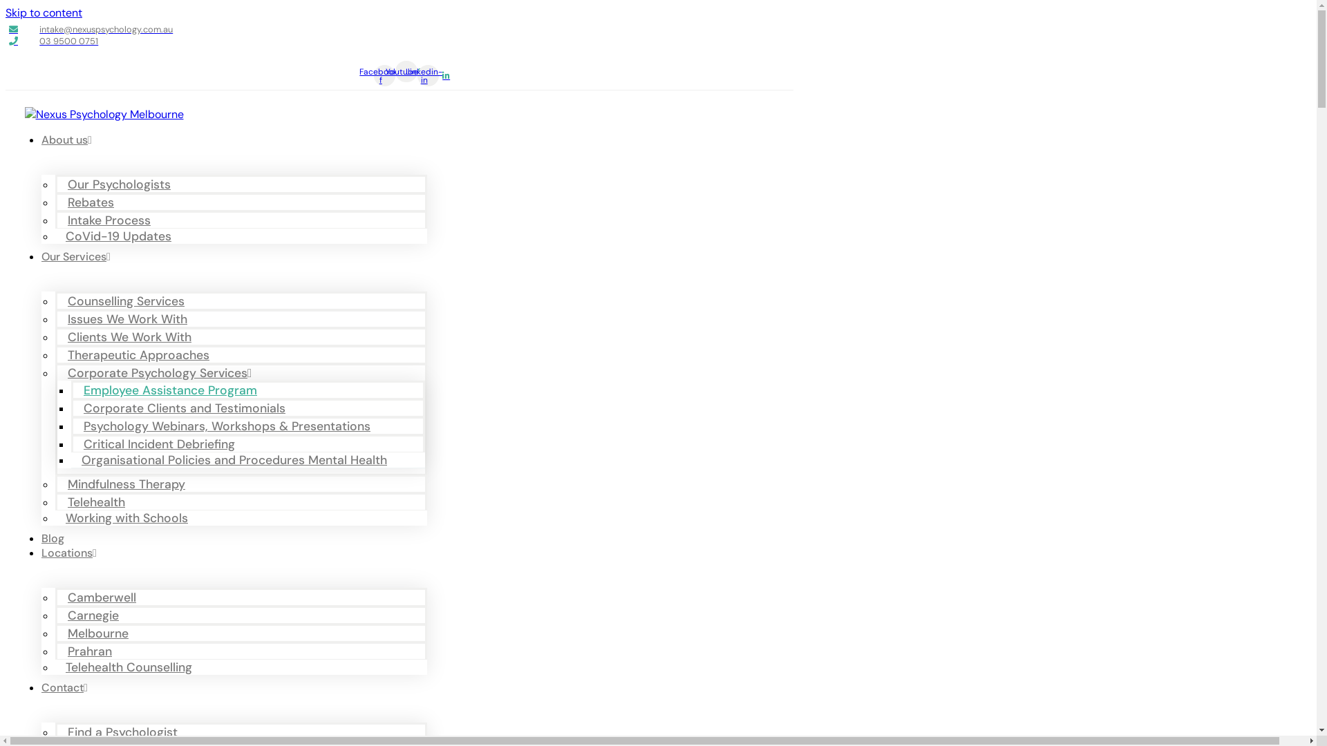  Describe the element at coordinates (142, 354) in the screenshot. I see `'Therapeutic Approaches'` at that location.